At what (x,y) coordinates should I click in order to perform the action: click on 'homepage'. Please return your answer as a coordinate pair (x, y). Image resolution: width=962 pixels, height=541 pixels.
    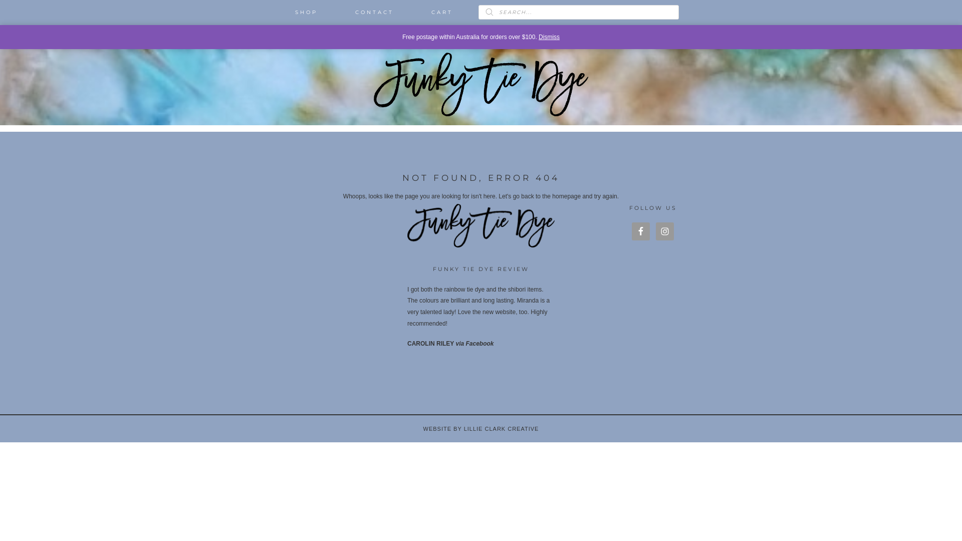
    Looking at the image, I should click on (566, 196).